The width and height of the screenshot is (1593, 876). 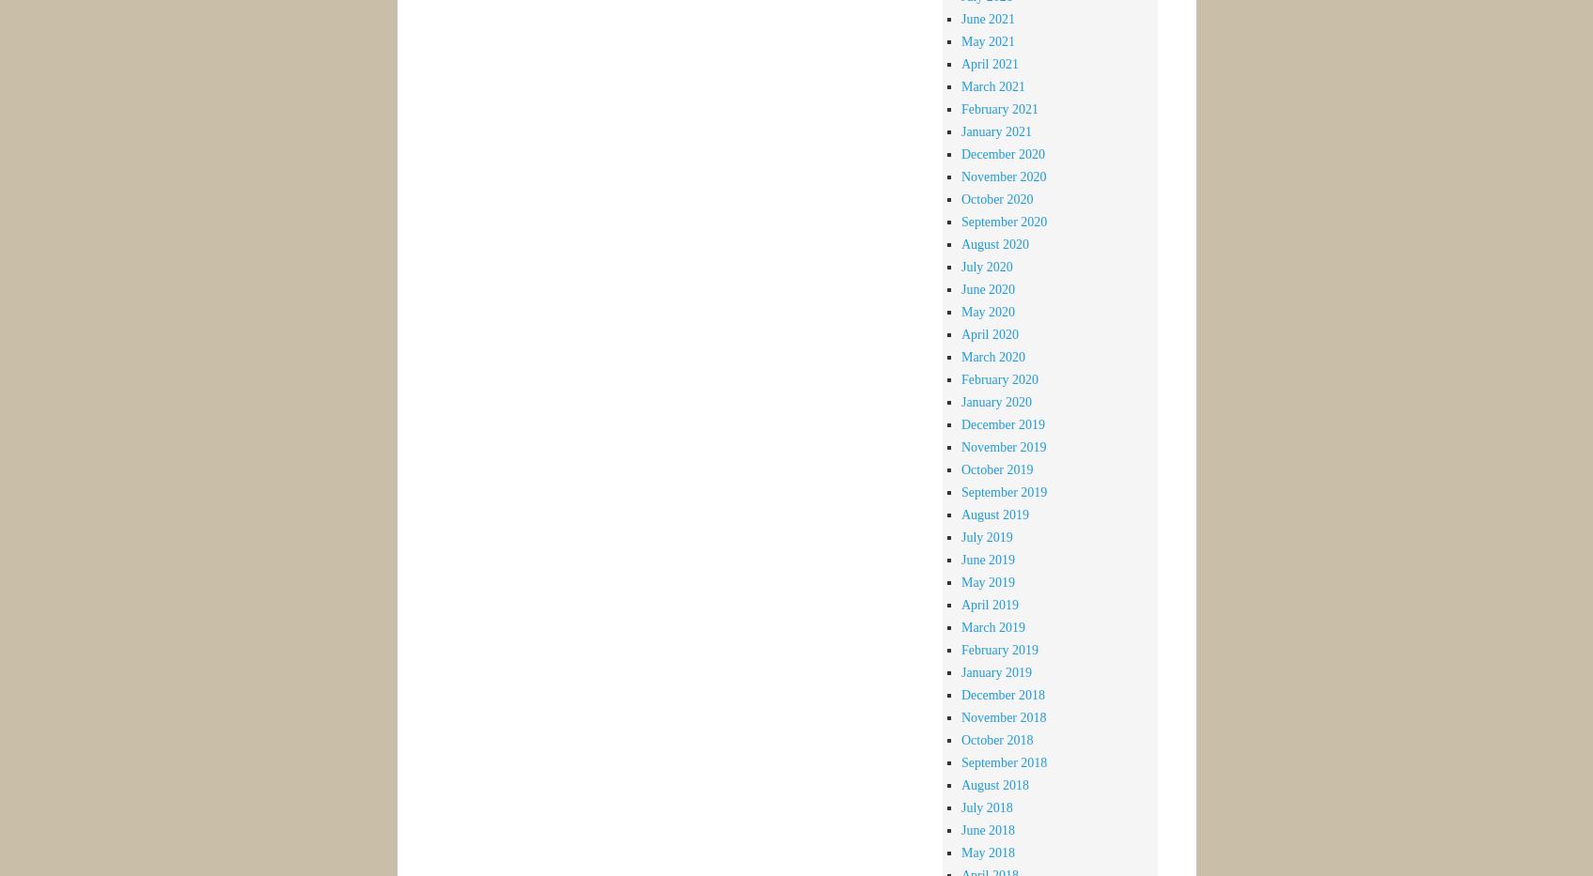 I want to click on 'May 2021', so click(x=988, y=39).